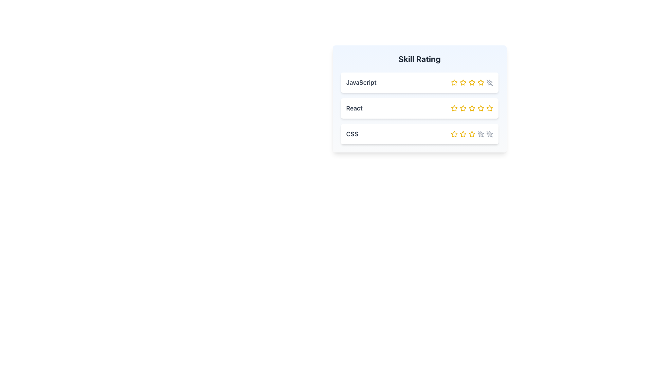 This screenshot has height=366, width=652. Describe the element at coordinates (471, 82) in the screenshot. I see `the fourth star icon in the 'Skill Rating' section next to the 'JavaScript' label` at that location.